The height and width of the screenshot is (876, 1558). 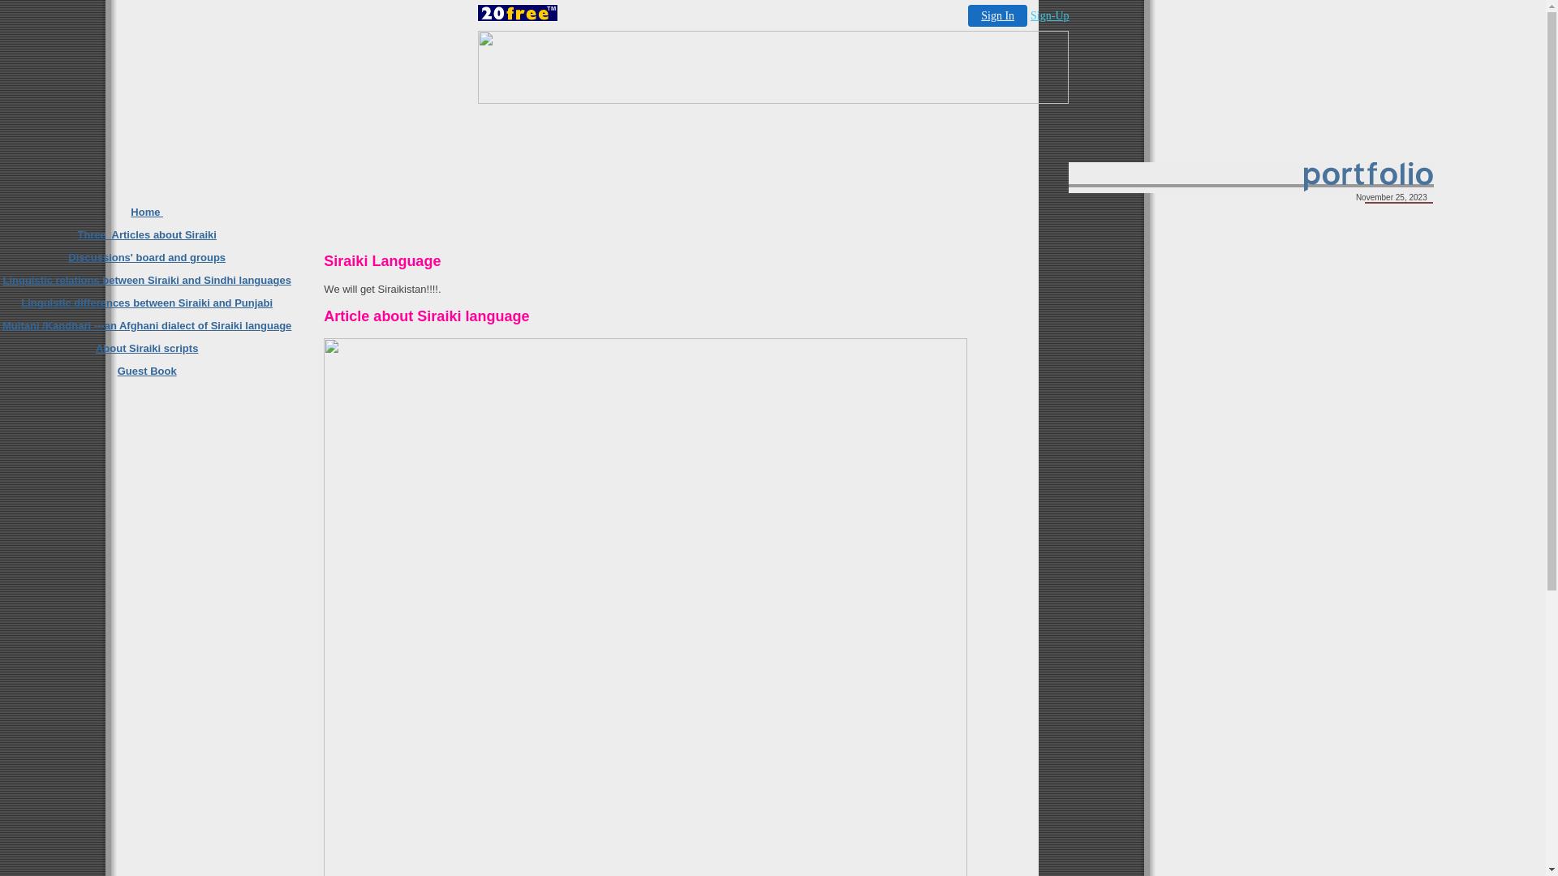 What do you see at coordinates (146, 279) in the screenshot?
I see `'Linguistic relations between Siraiki and Sindhi languages'` at bounding box center [146, 279].